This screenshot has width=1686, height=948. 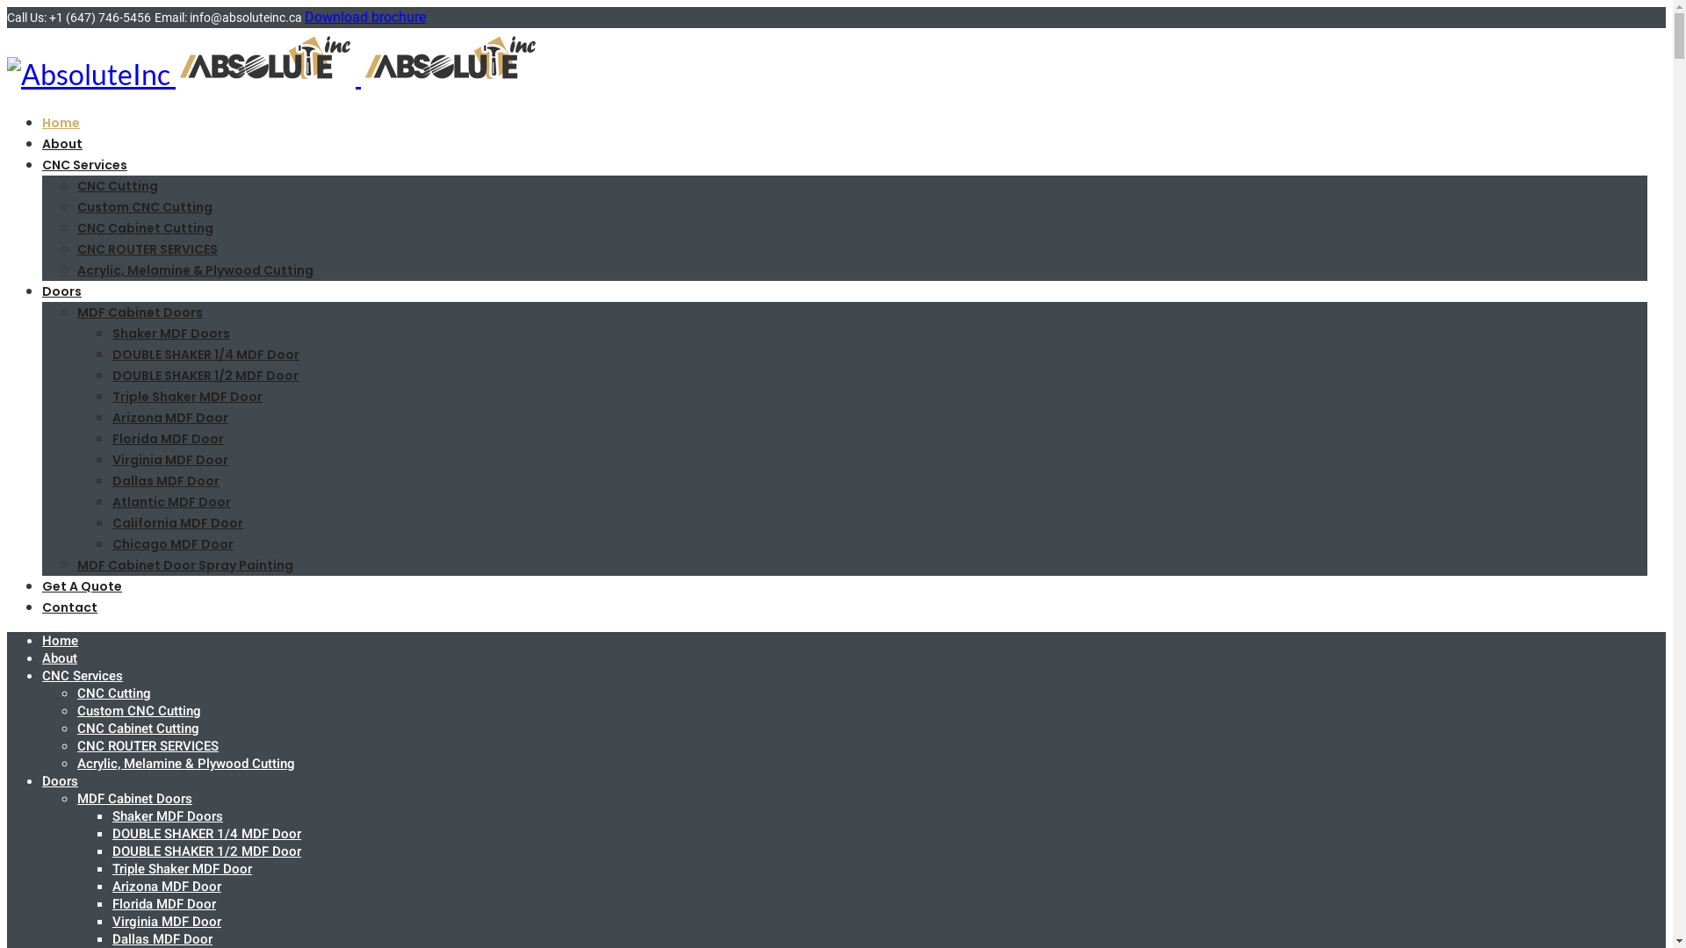 What do you see at coordinates (112, 850) in the screenshot?
I see `'DOUBLE SHAKER 1/2 MDF Door'` at bounding box center [112, 850].